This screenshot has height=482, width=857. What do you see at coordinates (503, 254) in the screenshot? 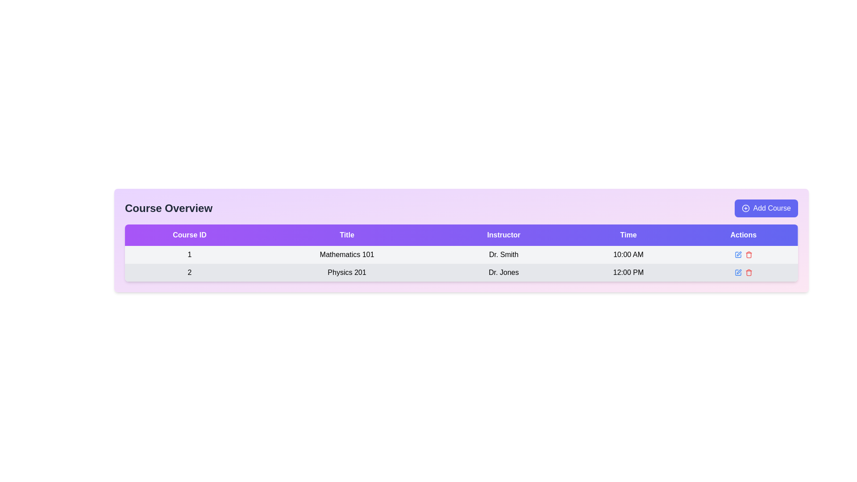
I see `the Text label representing the instructor for the course 'Mathematics 101', located in the third column of the first row of a table, between 'Mathematics 101' and '10:00 AM'` at bounding box center [503, 254].